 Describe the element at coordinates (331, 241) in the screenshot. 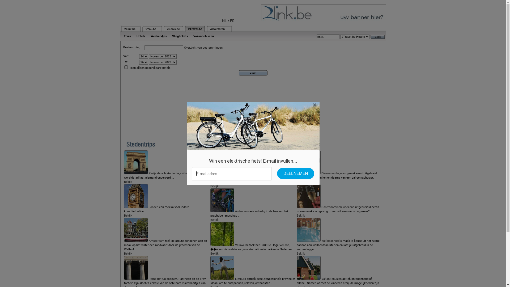

I see `'Wellnesshotels'` at that location.